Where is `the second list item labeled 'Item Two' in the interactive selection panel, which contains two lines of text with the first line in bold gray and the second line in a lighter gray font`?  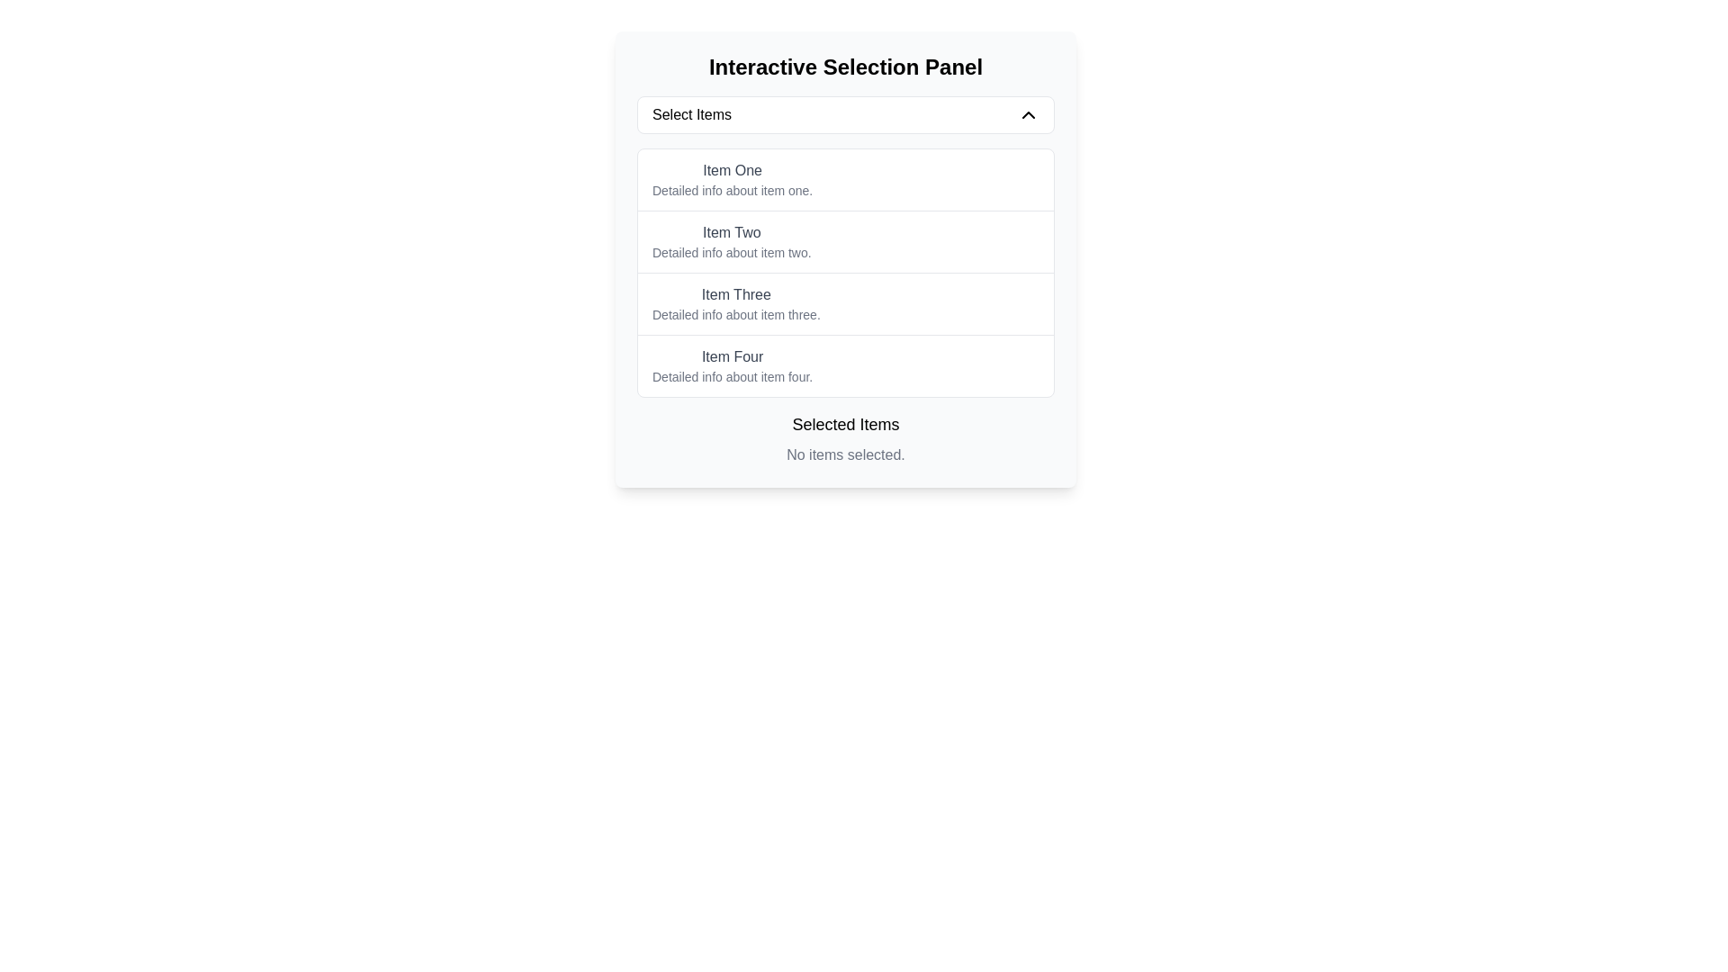 the second list item labeled 'Item Two' in the interactive selection panel, which contains two lines of text with the first line in bold gray and the second line in a lighter gray font is located at coordinates (732, 241).